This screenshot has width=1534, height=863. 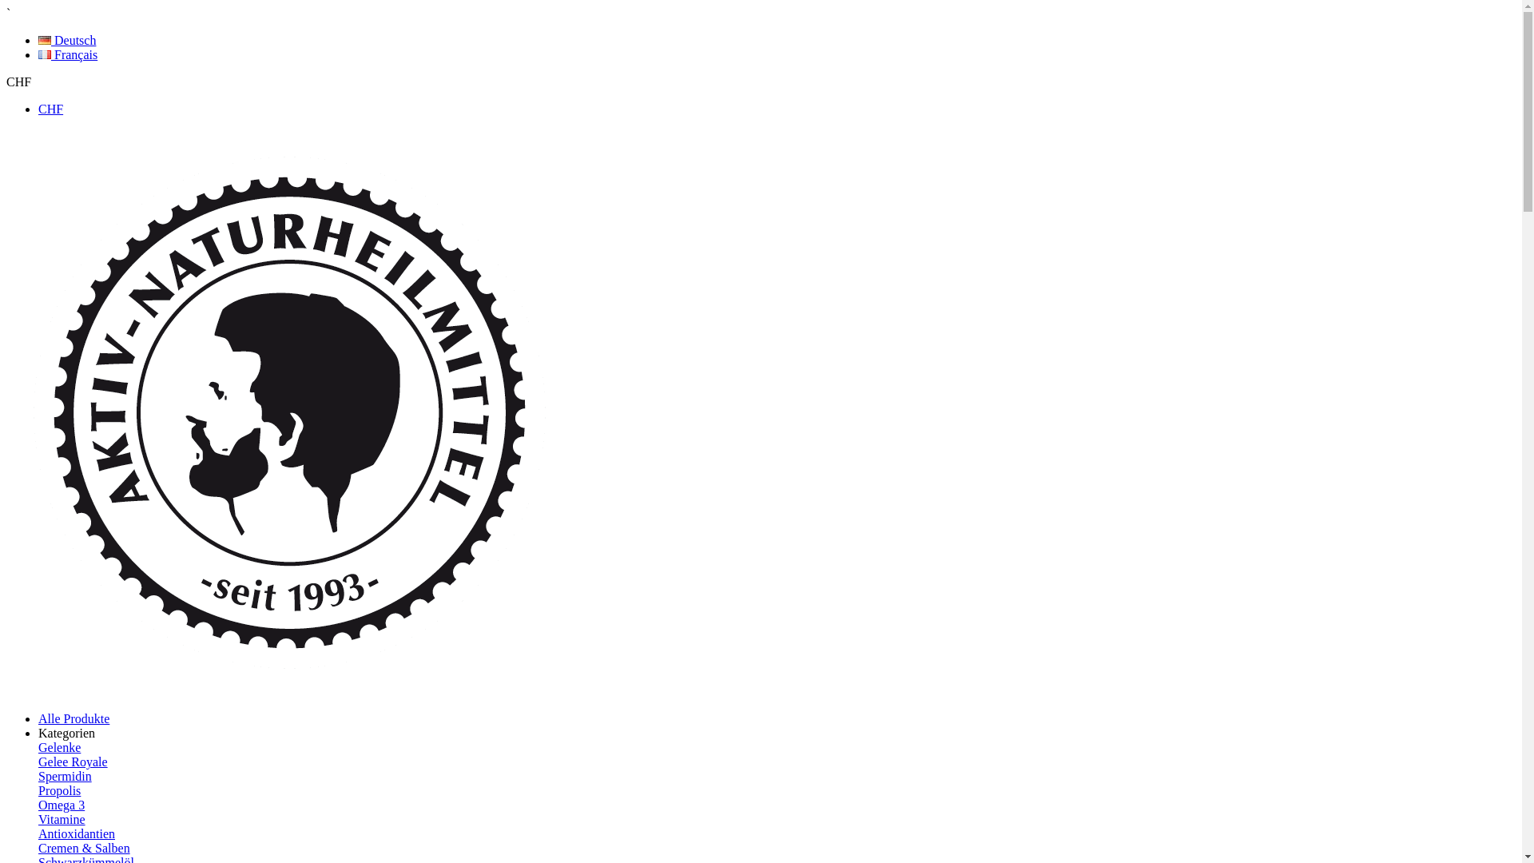 I want to click on 'Deutsch', so click(x=38, y=39).